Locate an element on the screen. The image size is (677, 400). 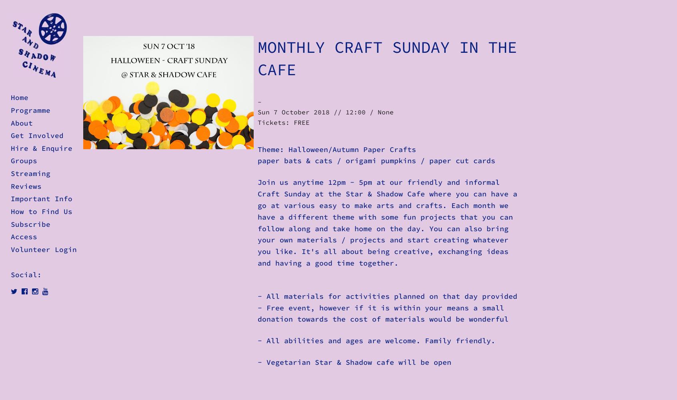
'Get Involved' is located at coordinates (10, 135).